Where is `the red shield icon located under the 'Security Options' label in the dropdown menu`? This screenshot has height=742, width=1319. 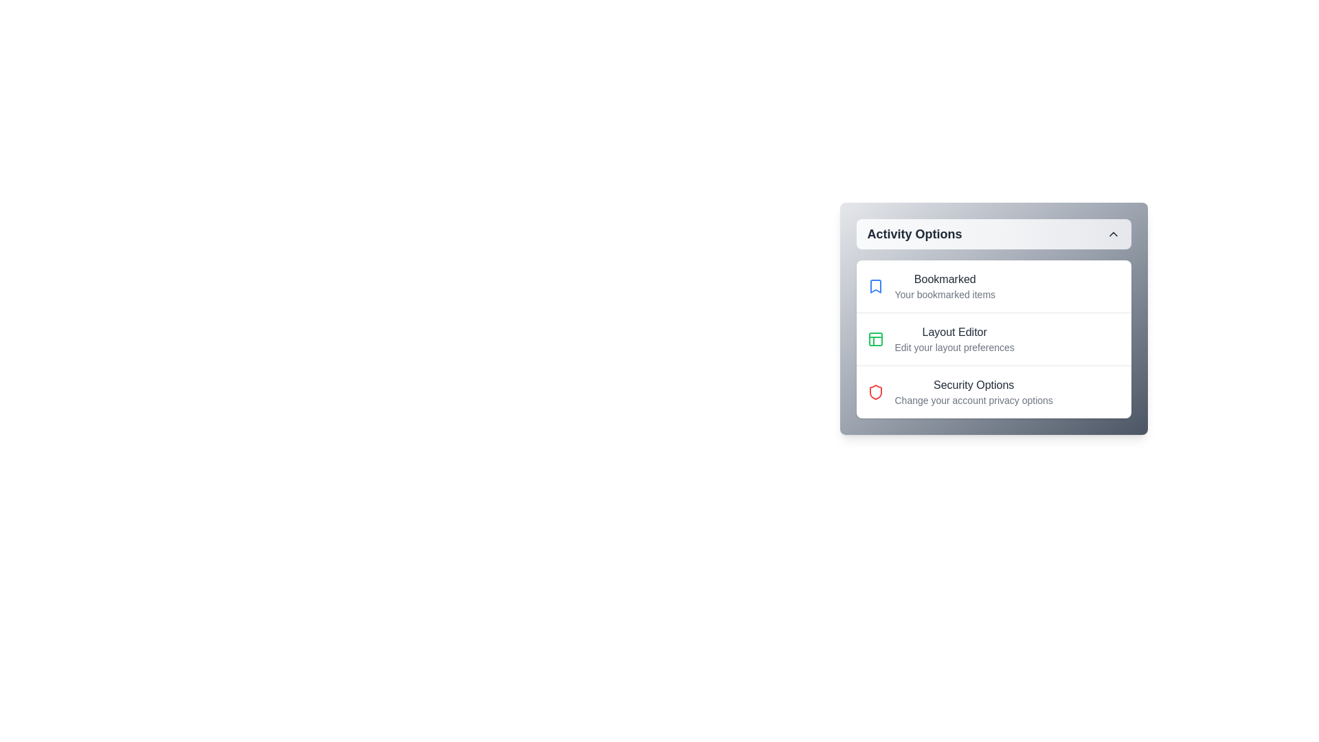
the red shield icon located under the 'Security Options' label in the dropdown menu is located at coordinates (875, 392).